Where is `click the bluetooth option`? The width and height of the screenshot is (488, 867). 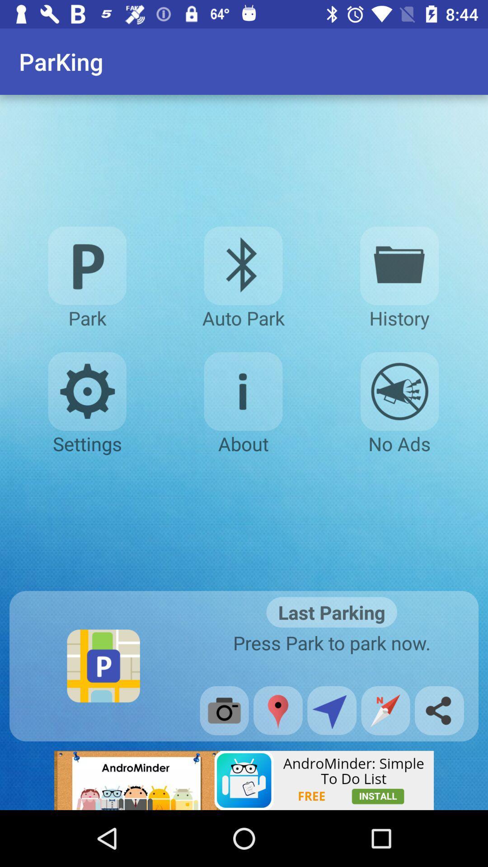
click the bluetooth option is located at coordinates (243, 265).